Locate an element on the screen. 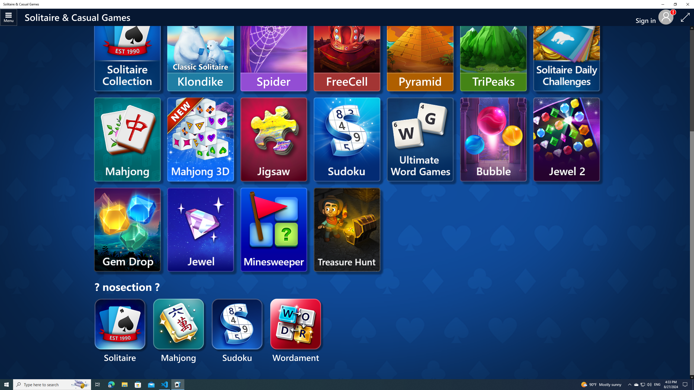 The width and height of the screenshot is (694, 390). 'Microsoft Jewel 2' is located at coordinates (566, 139).